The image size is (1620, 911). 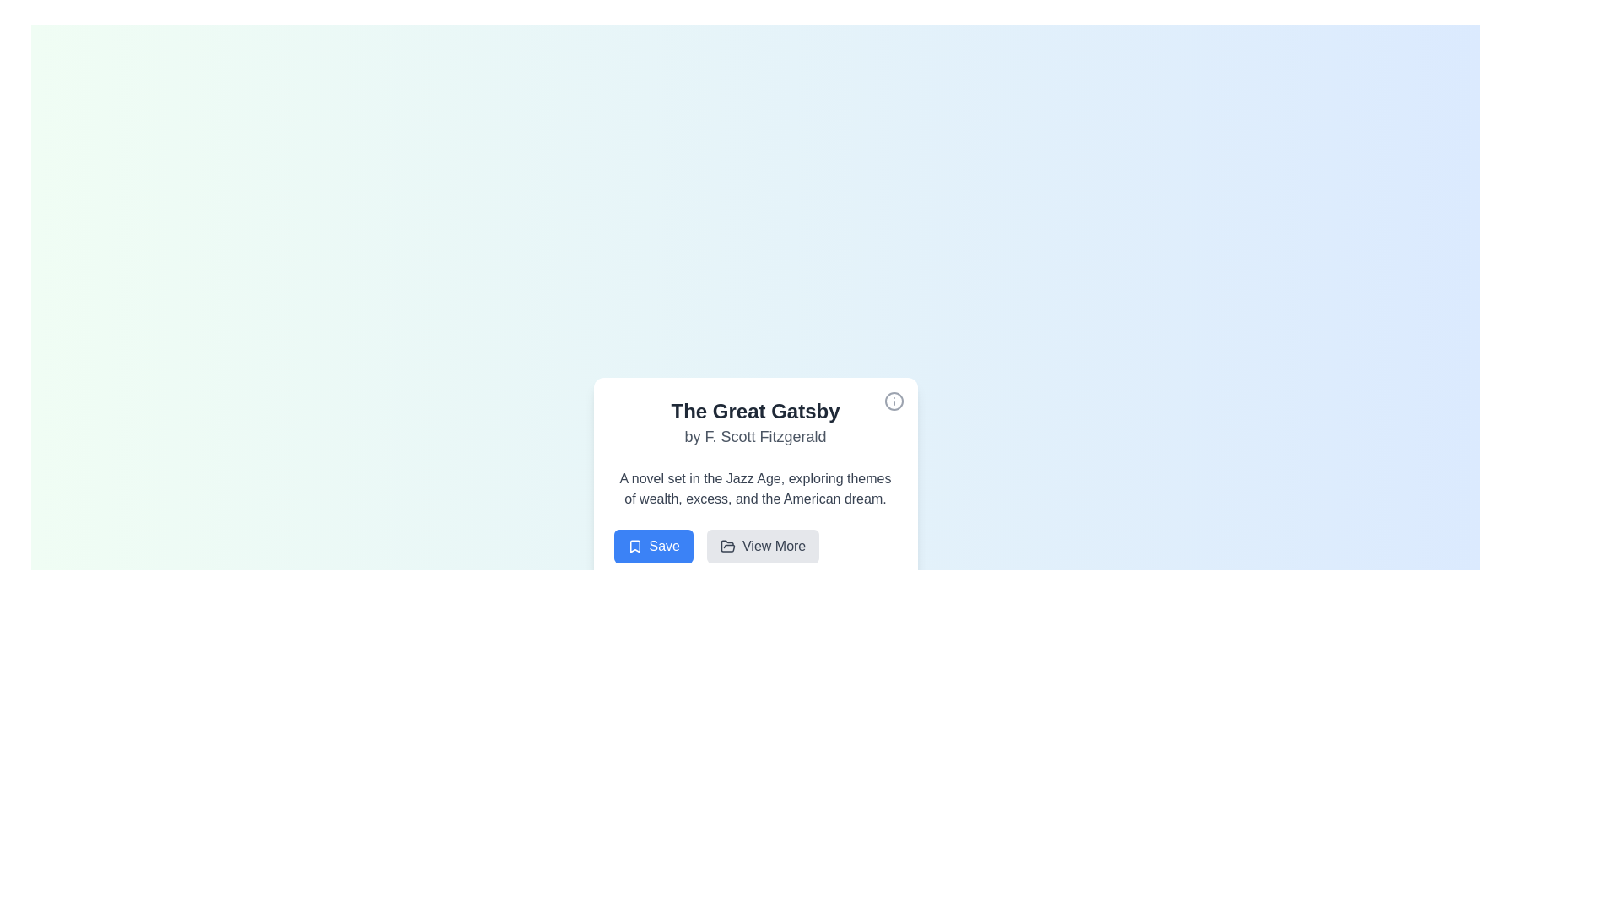 I want to click on Decorative SVG circle element located in the upper-right corner of the card titled 'The Great Gatsby' for debugging purposes, so click(x=893, y=401).